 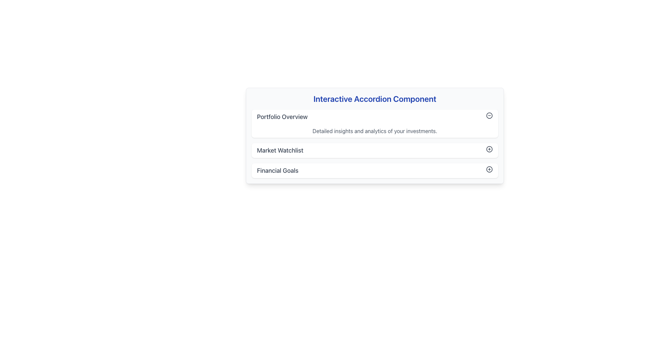 What do you see at coordinates (489, 149) in the screenshot?
I see `the circular shape that represents the outer boundary of the 'plus' icon, which is part of the interactive controls aligned to the right of the 'Market Watchlist' label` at bounding box center [489, 149].